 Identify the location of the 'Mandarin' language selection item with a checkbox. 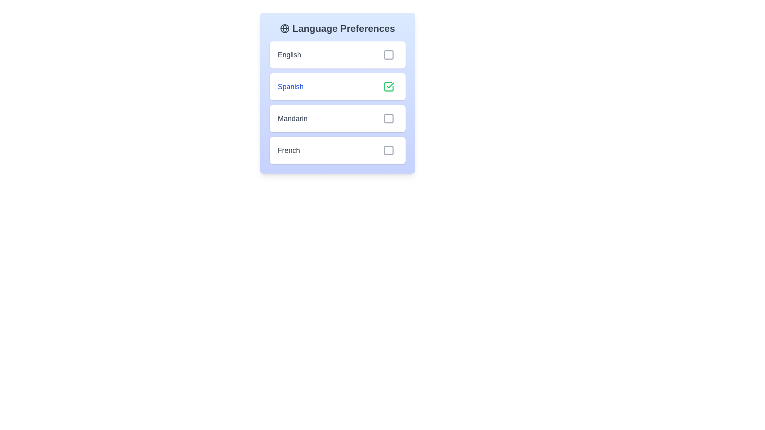
(337, 118).